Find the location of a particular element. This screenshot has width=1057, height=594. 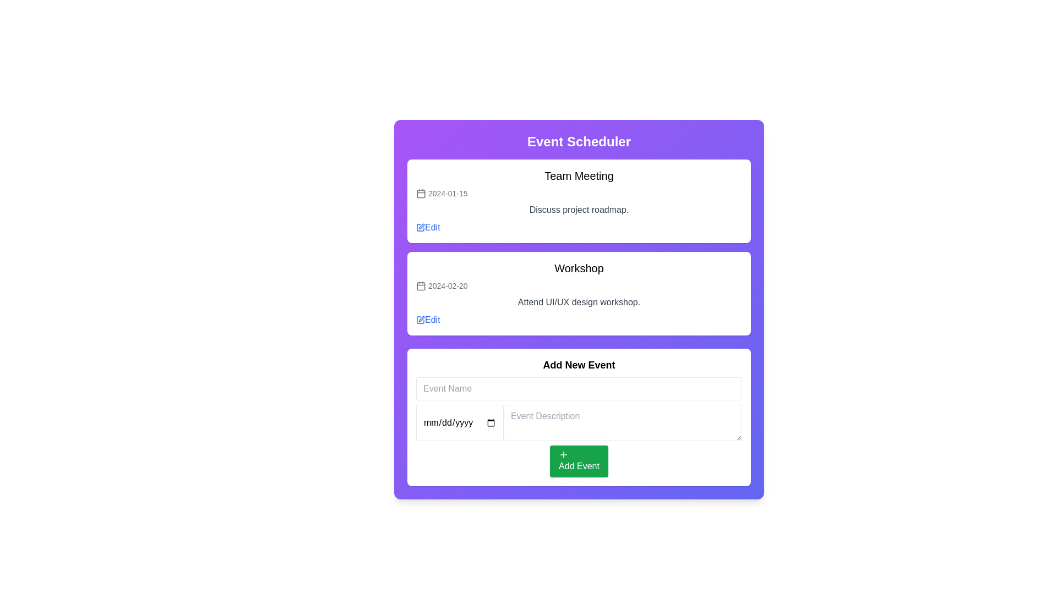

the static text component labeled 'Add New Event' which is styled in bold, large sans-serif font and located above the input field for 'Event Name' is located at coordinates (578, 365).